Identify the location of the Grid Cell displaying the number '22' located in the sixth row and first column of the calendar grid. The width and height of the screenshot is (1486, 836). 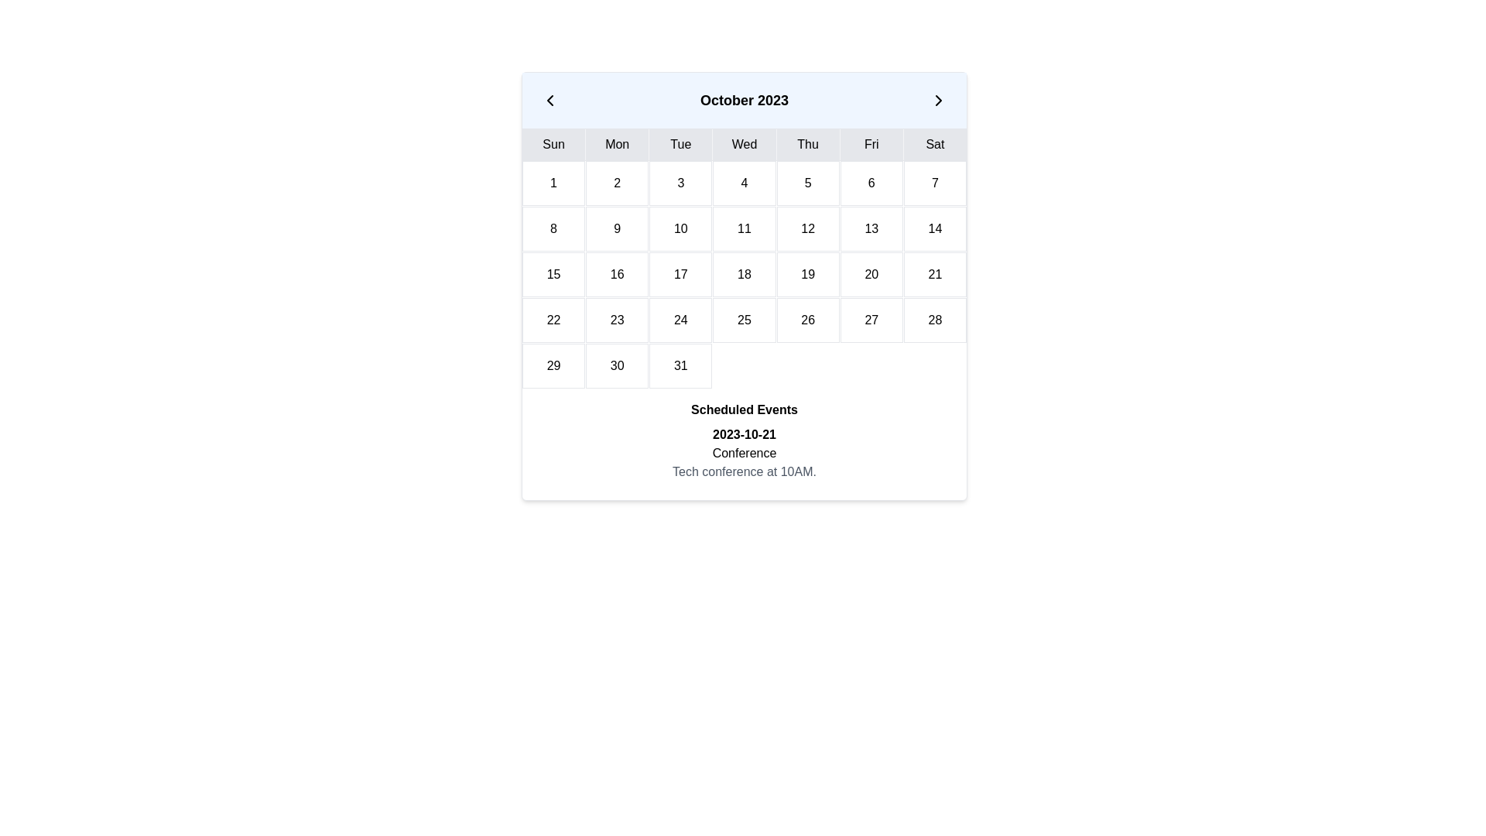
(553, 319).